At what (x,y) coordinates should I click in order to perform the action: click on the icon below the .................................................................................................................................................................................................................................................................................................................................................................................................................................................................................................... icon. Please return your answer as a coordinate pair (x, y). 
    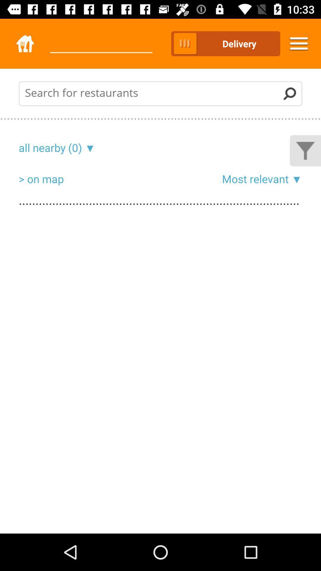
    Looking at the image, I should click on (50, 148).